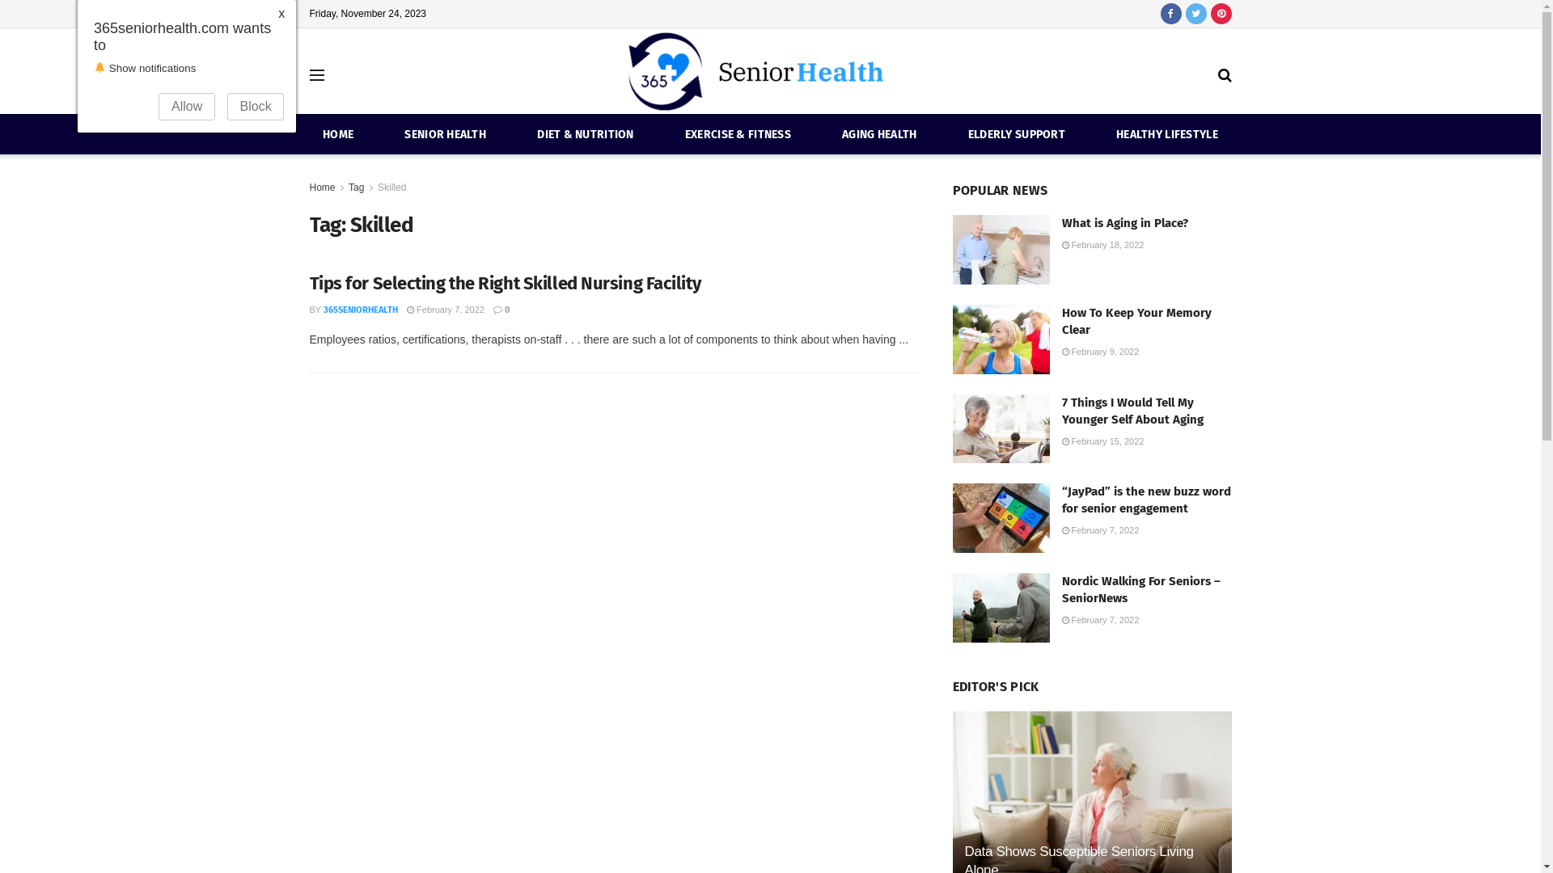 The width and height of the screenshot is (1553, 873). Describe the element at coordinates (323, 310) in the screenshot. I see `'365SENIORHEALTH'` at that location.